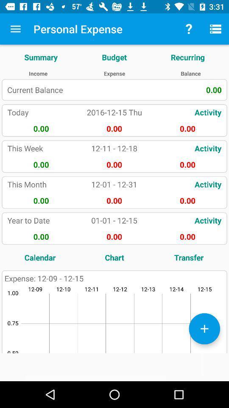  I want to click on budget item, so click(114, 57).